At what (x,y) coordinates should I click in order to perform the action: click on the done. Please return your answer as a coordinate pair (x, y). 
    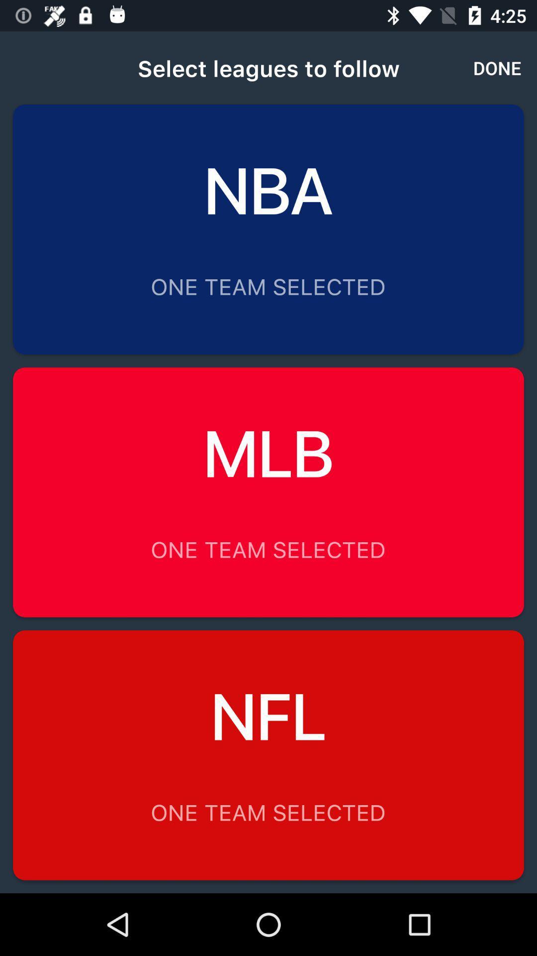
    Looking at the image, I should click on (497, 67).